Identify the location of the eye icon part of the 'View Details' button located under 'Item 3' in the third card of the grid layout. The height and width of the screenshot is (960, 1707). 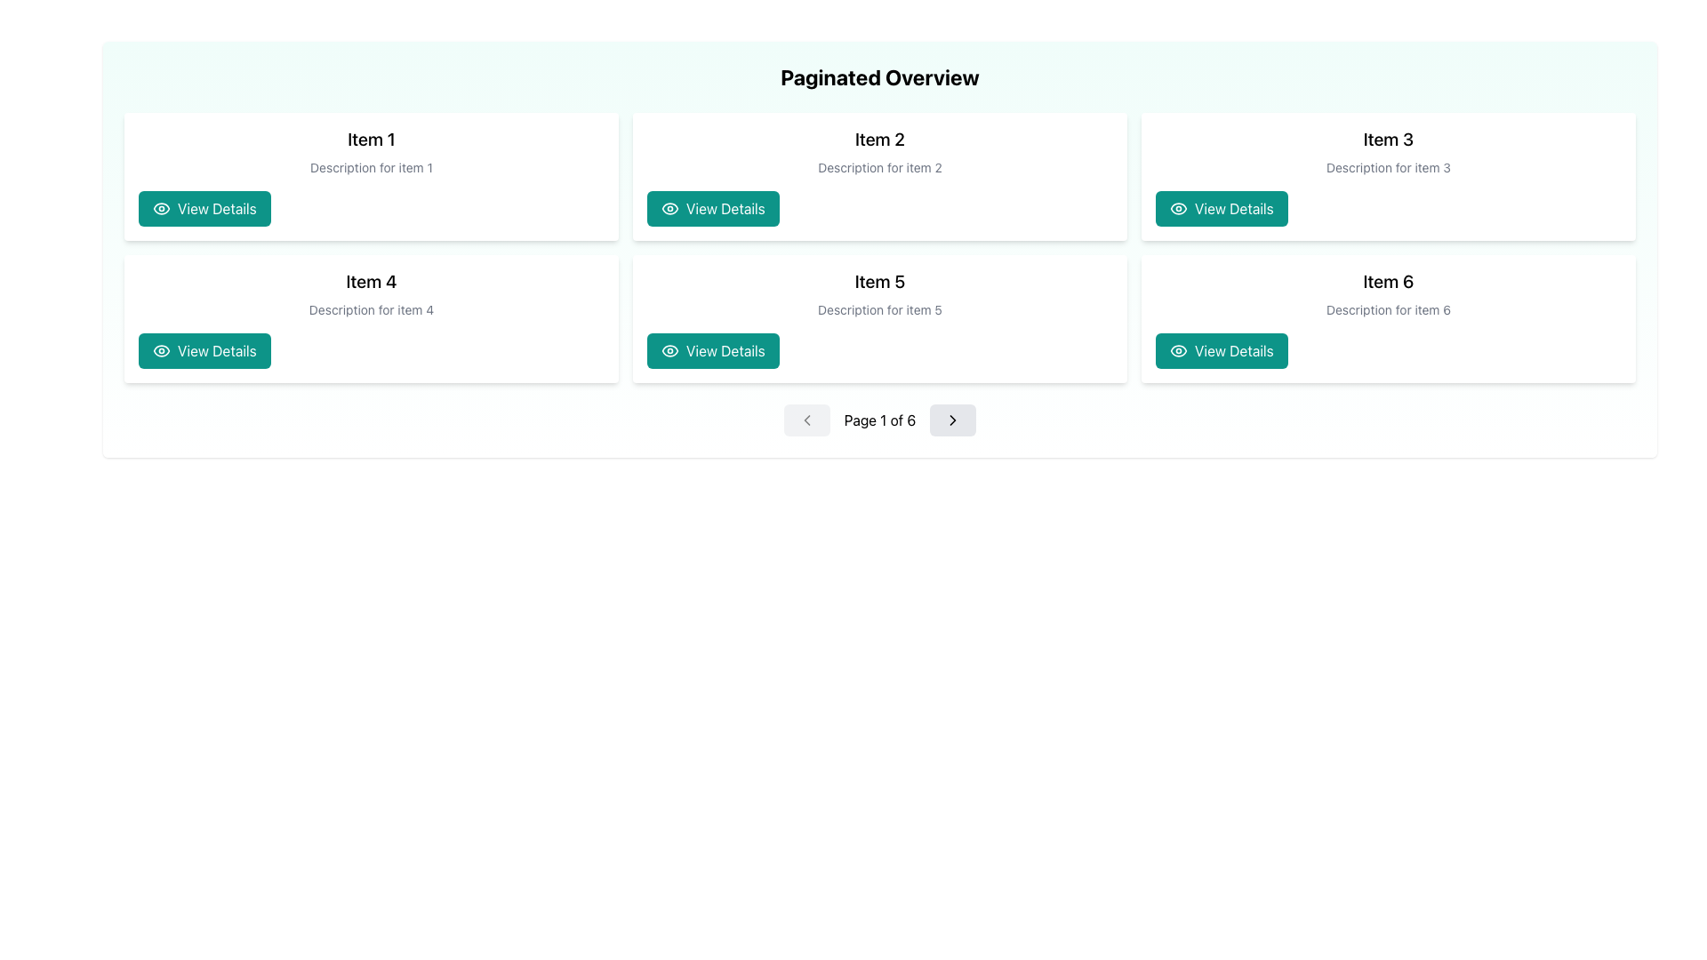
(1178, 208).